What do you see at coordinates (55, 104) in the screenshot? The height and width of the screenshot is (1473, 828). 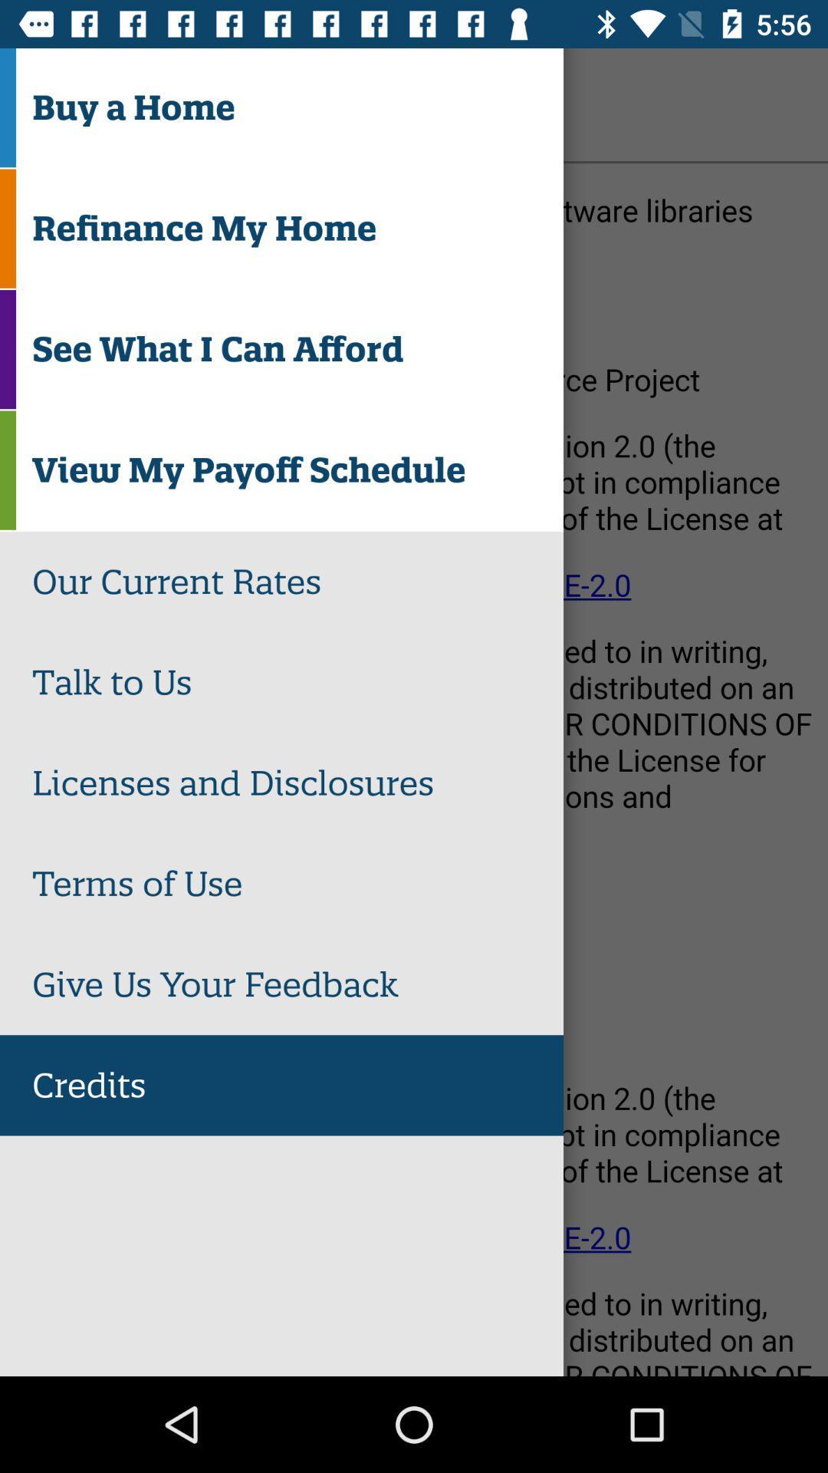 I see `icon next to the credits` at bounding box center [55, 104].